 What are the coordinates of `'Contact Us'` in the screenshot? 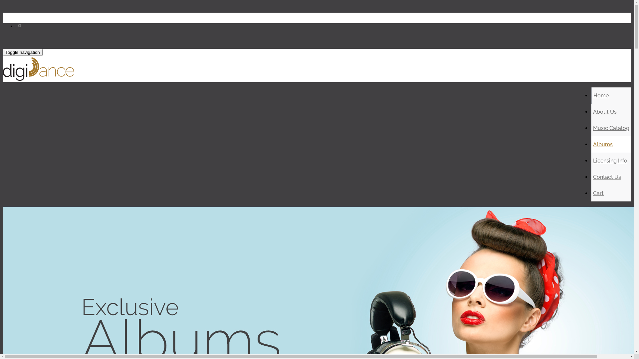 It's located at (593, 177).